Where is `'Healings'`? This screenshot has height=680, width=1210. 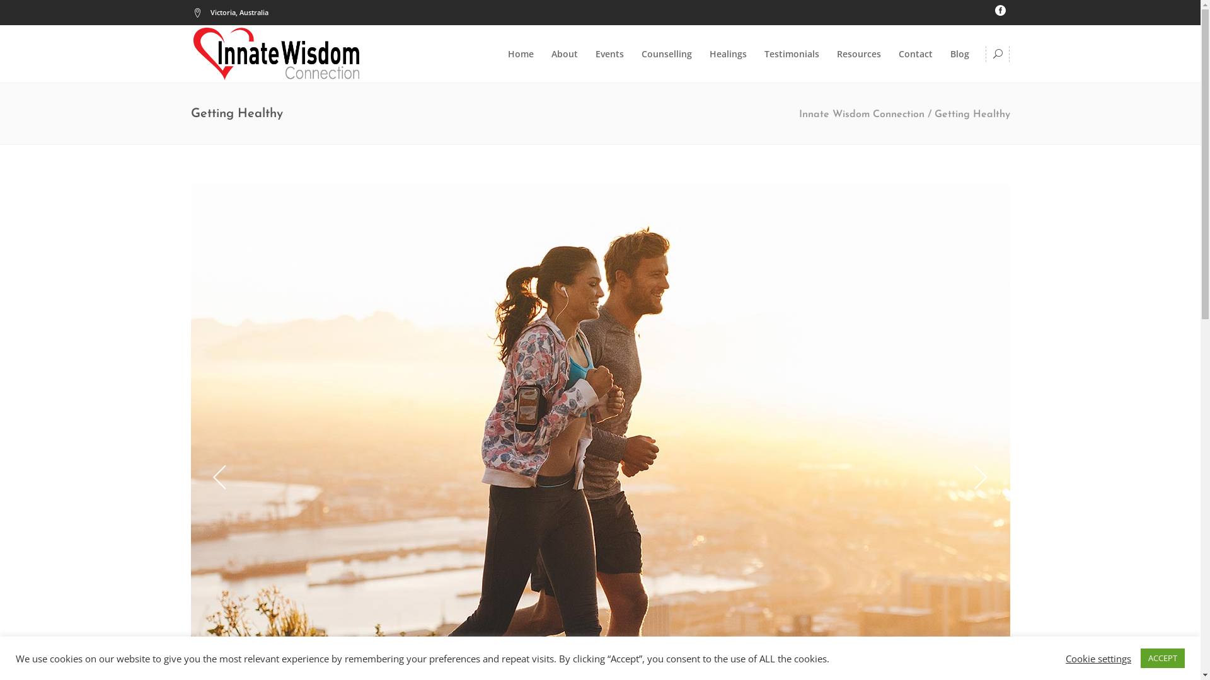 'Healings' is located at coordinates (728, 53).